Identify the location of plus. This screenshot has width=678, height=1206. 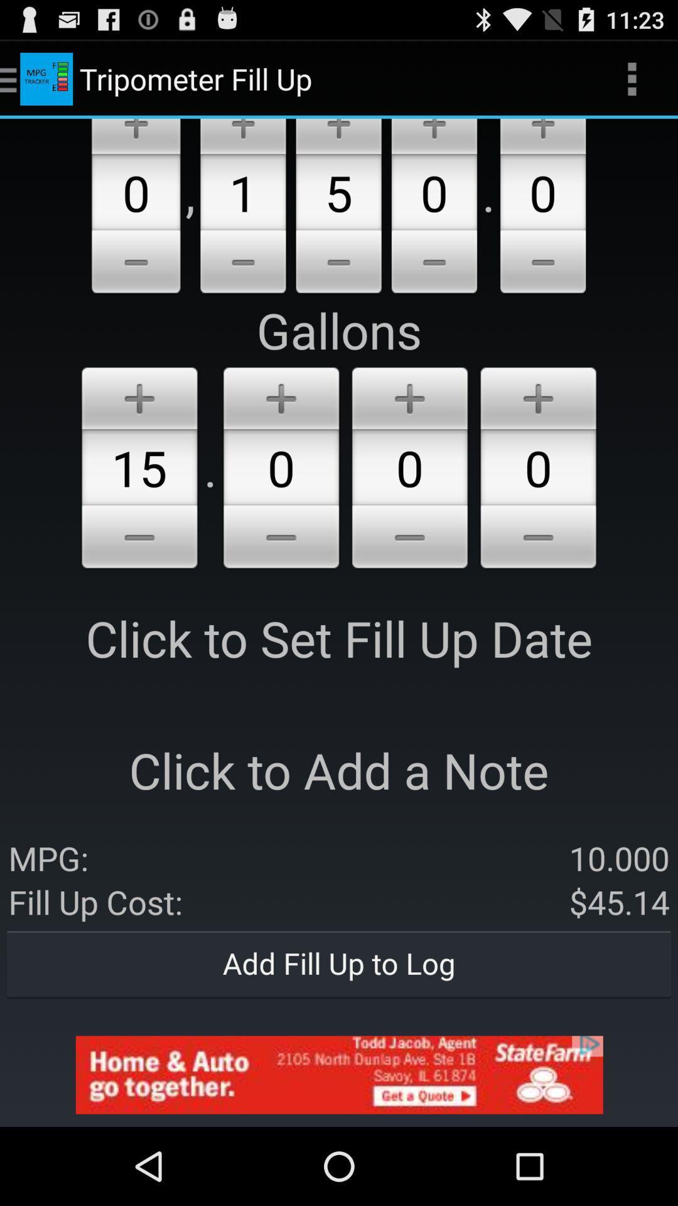
(537, 395).